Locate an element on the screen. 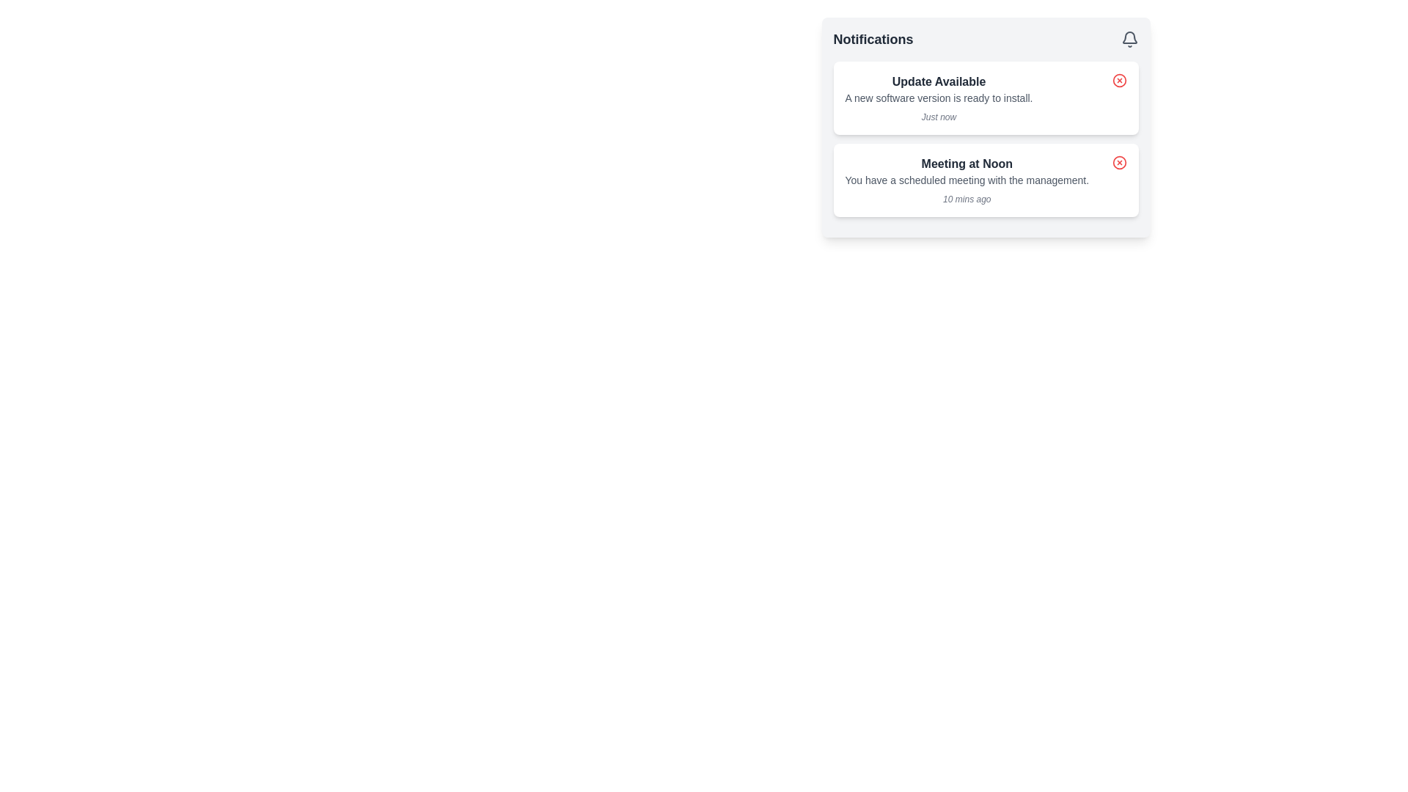 Image resolution: width=1408 pixels, height=792 pixels. the timestamp text label that reads '10 mins ago', styled in a smaller italicized font and muted gray color, located at the bottom right of the notification card is located at coordinates (967, 199).